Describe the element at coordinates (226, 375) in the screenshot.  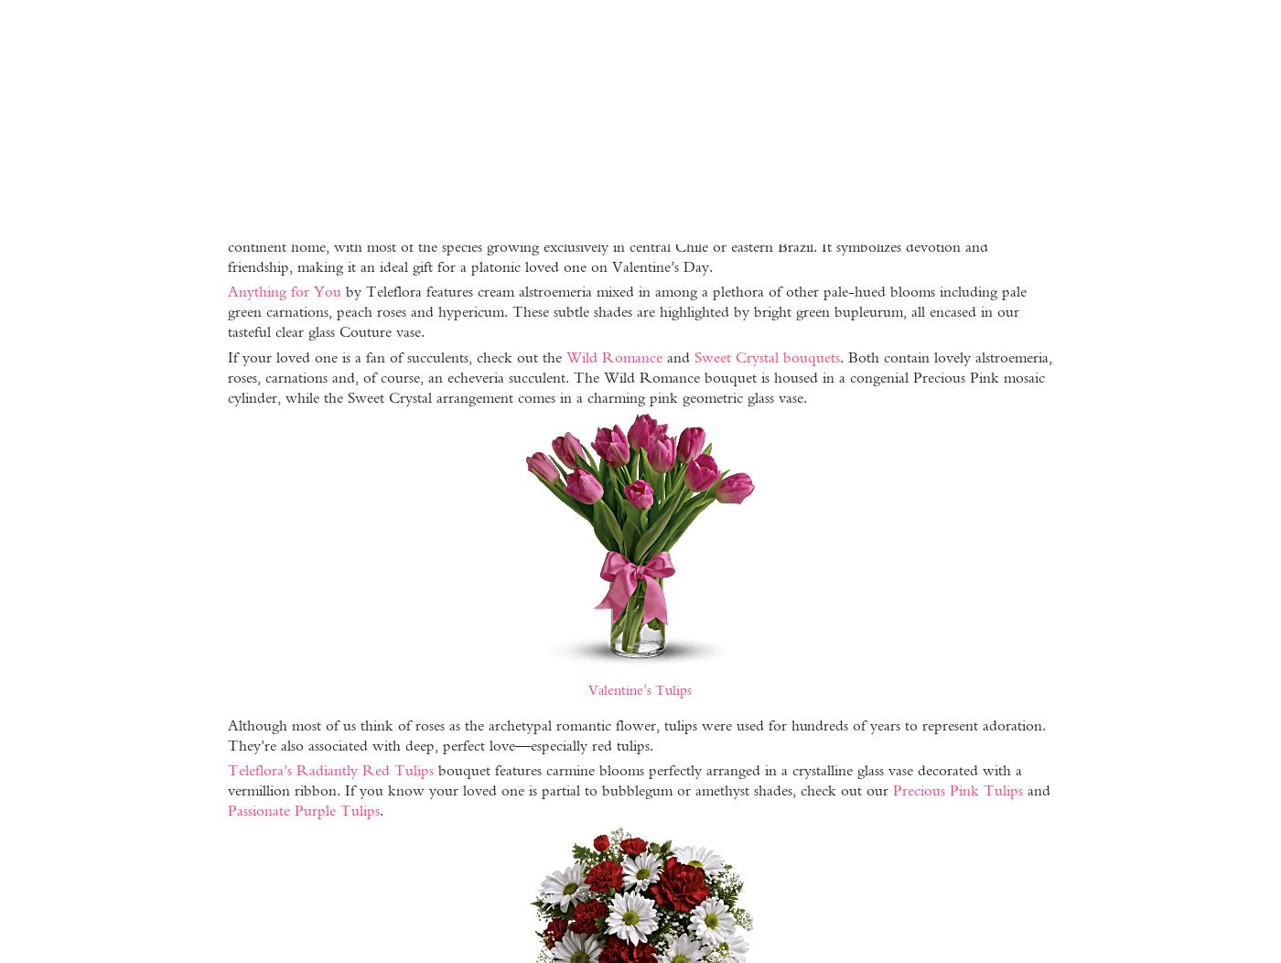
I see `'. Both contain lovely alstroemeria, roses, carnations and, of course, an echeveria succulent. The Wild Romance bouquet is housed in a congenial Precious Pink mosaic cylinder, while the Sweet Crystal arrangement comes in a charming pink geometric glass vase.'` at that location.